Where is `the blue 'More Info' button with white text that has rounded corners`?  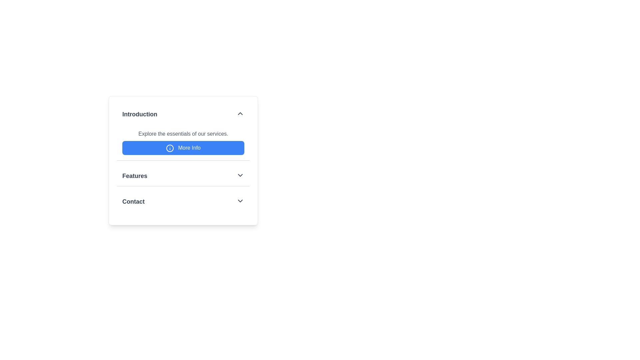 the blue 'More Info' button with white text that has rounded corners is located at coordinates (183, 147).